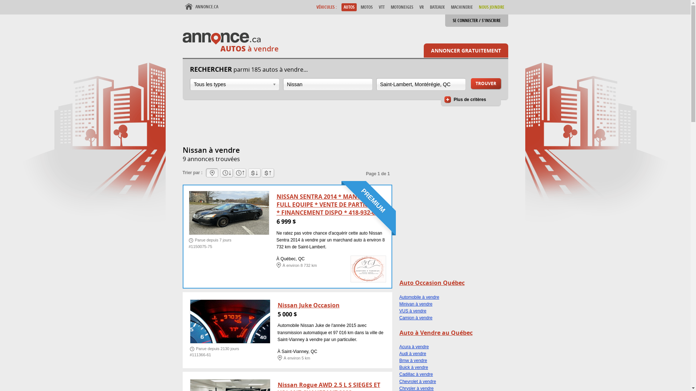  Describe the element at coordinates (465, 50) in the screenshot. I see `'ANNONCER GRATUITEMENT'` at that location.